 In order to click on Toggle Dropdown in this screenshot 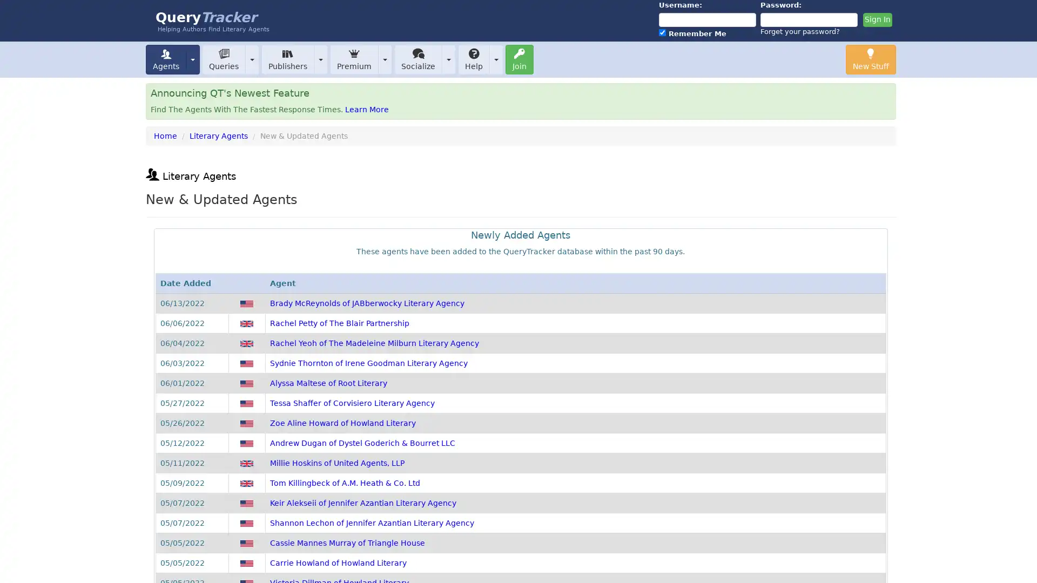, I will do `click(320, 59)`.